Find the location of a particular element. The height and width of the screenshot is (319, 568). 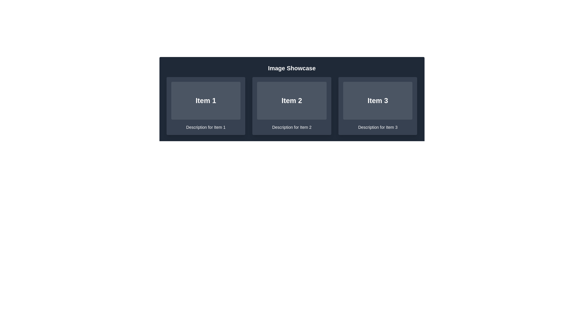

the Static Display Box that contains the bold white text 'Item 2' on a dark gray background, which is centrally positioned among three similar elements is located at coordinates (292, 100).